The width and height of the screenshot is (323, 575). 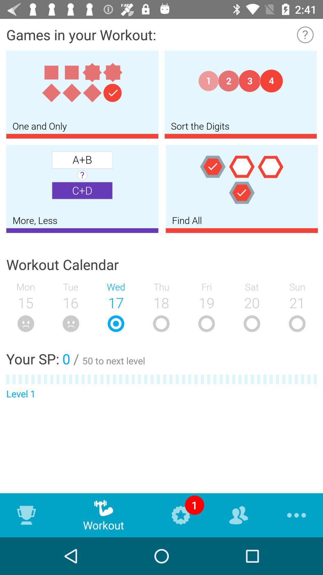 What do you see at coordinates (305, 34) in the screenshot?
I see `icon next to the games in your item` at bounding box center [305, 34].